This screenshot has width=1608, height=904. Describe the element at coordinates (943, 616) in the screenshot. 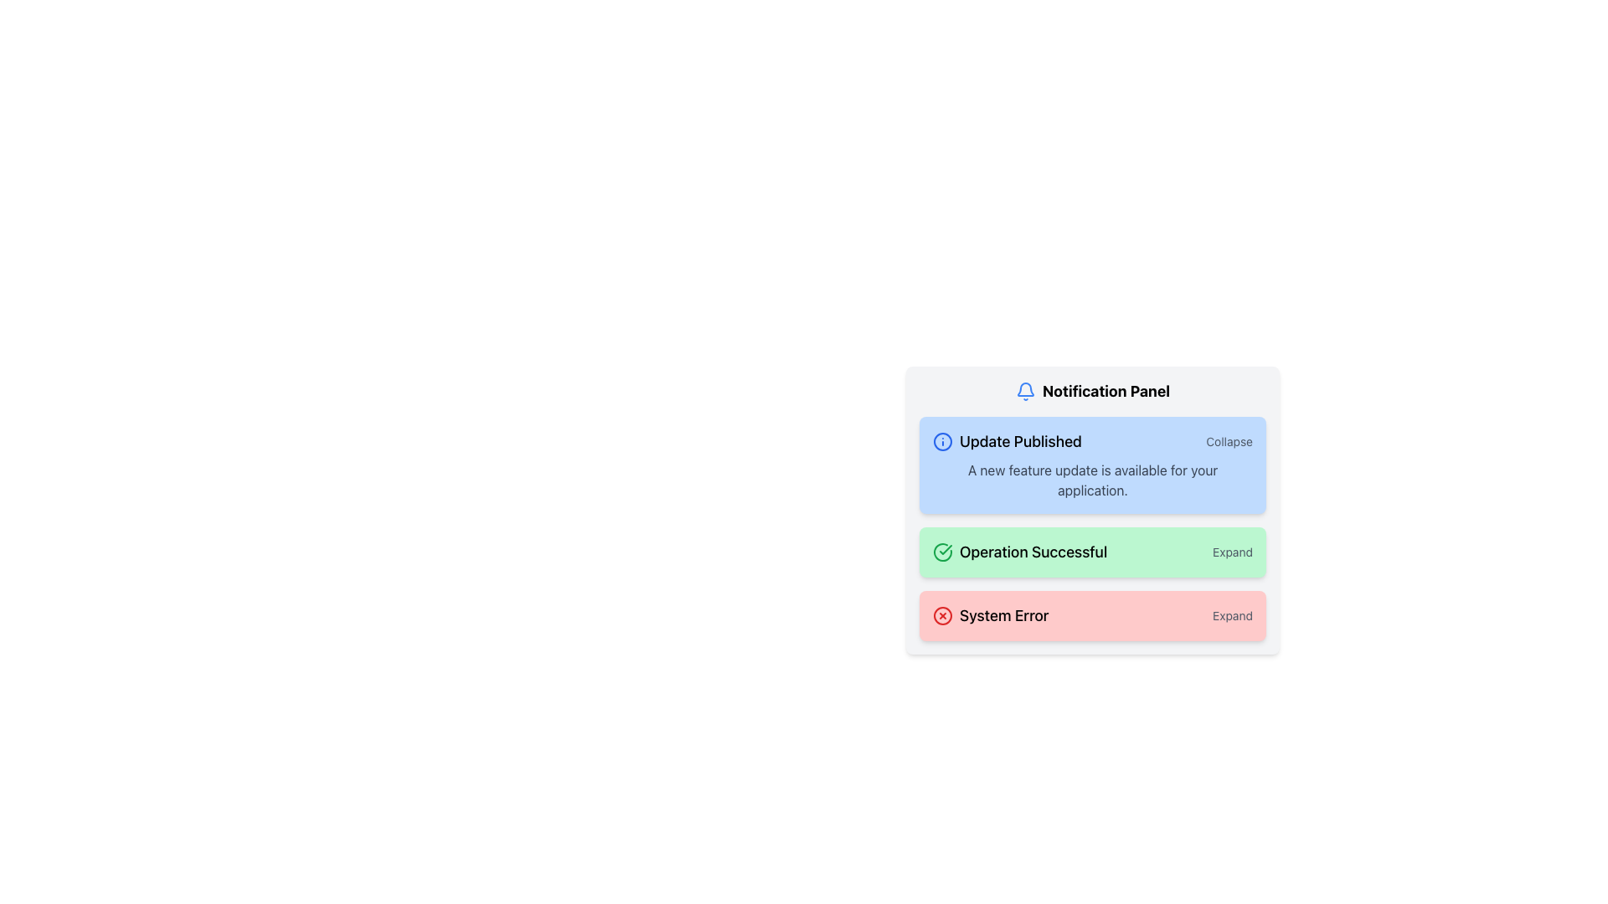

I see `the error icon that visually represents the cancellation status associated with the 'System Error' notification, located at the leftmost side of the notification text` at that location.